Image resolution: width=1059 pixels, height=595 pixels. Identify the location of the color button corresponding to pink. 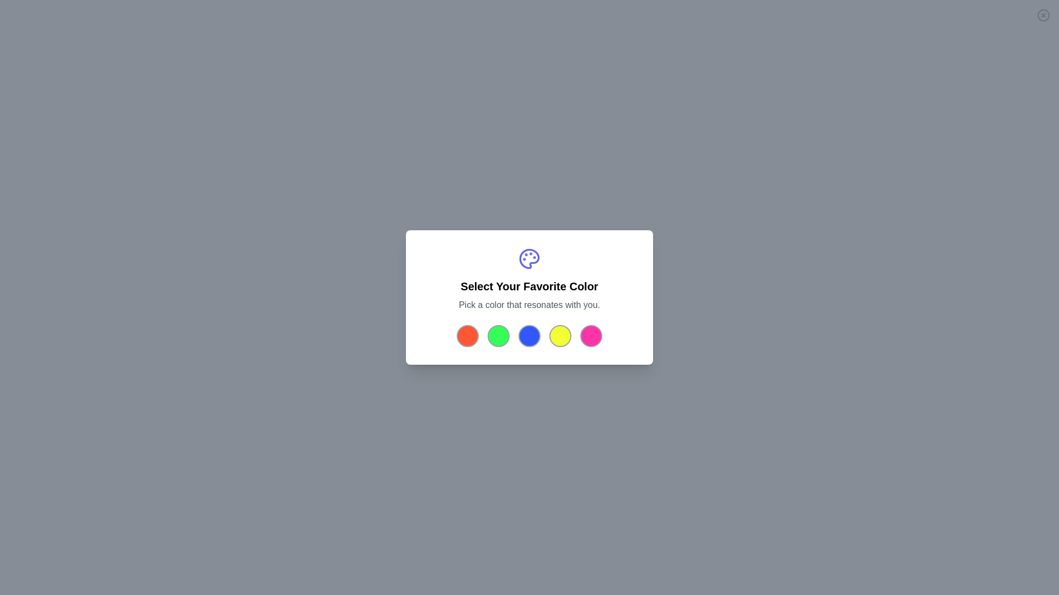
(590, 335).